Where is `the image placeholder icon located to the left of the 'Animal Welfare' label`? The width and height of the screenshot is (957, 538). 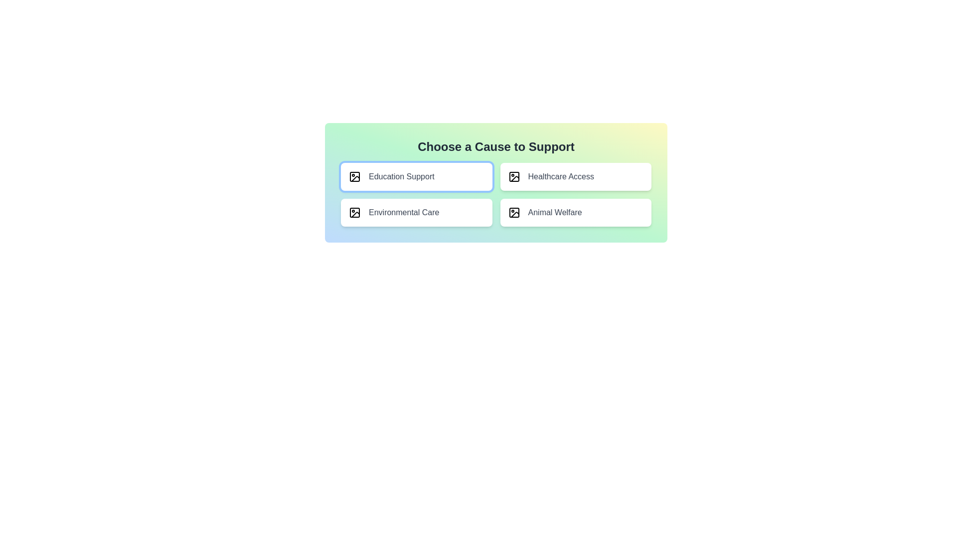 the image placeholder icon located to the left of the 'Animal Welfare' label is located at coordinates (514, 212).